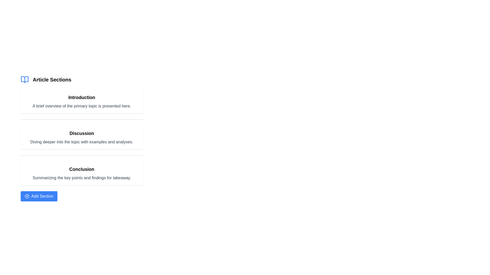 The height and width of the screenshot is (275, 490). Describe the element at coordinates (27, 196) in the screenshot. I see `the addition icon located to the left of the 'Add Section' text within the blue button at the bottom-left corner of the interface` at that location.